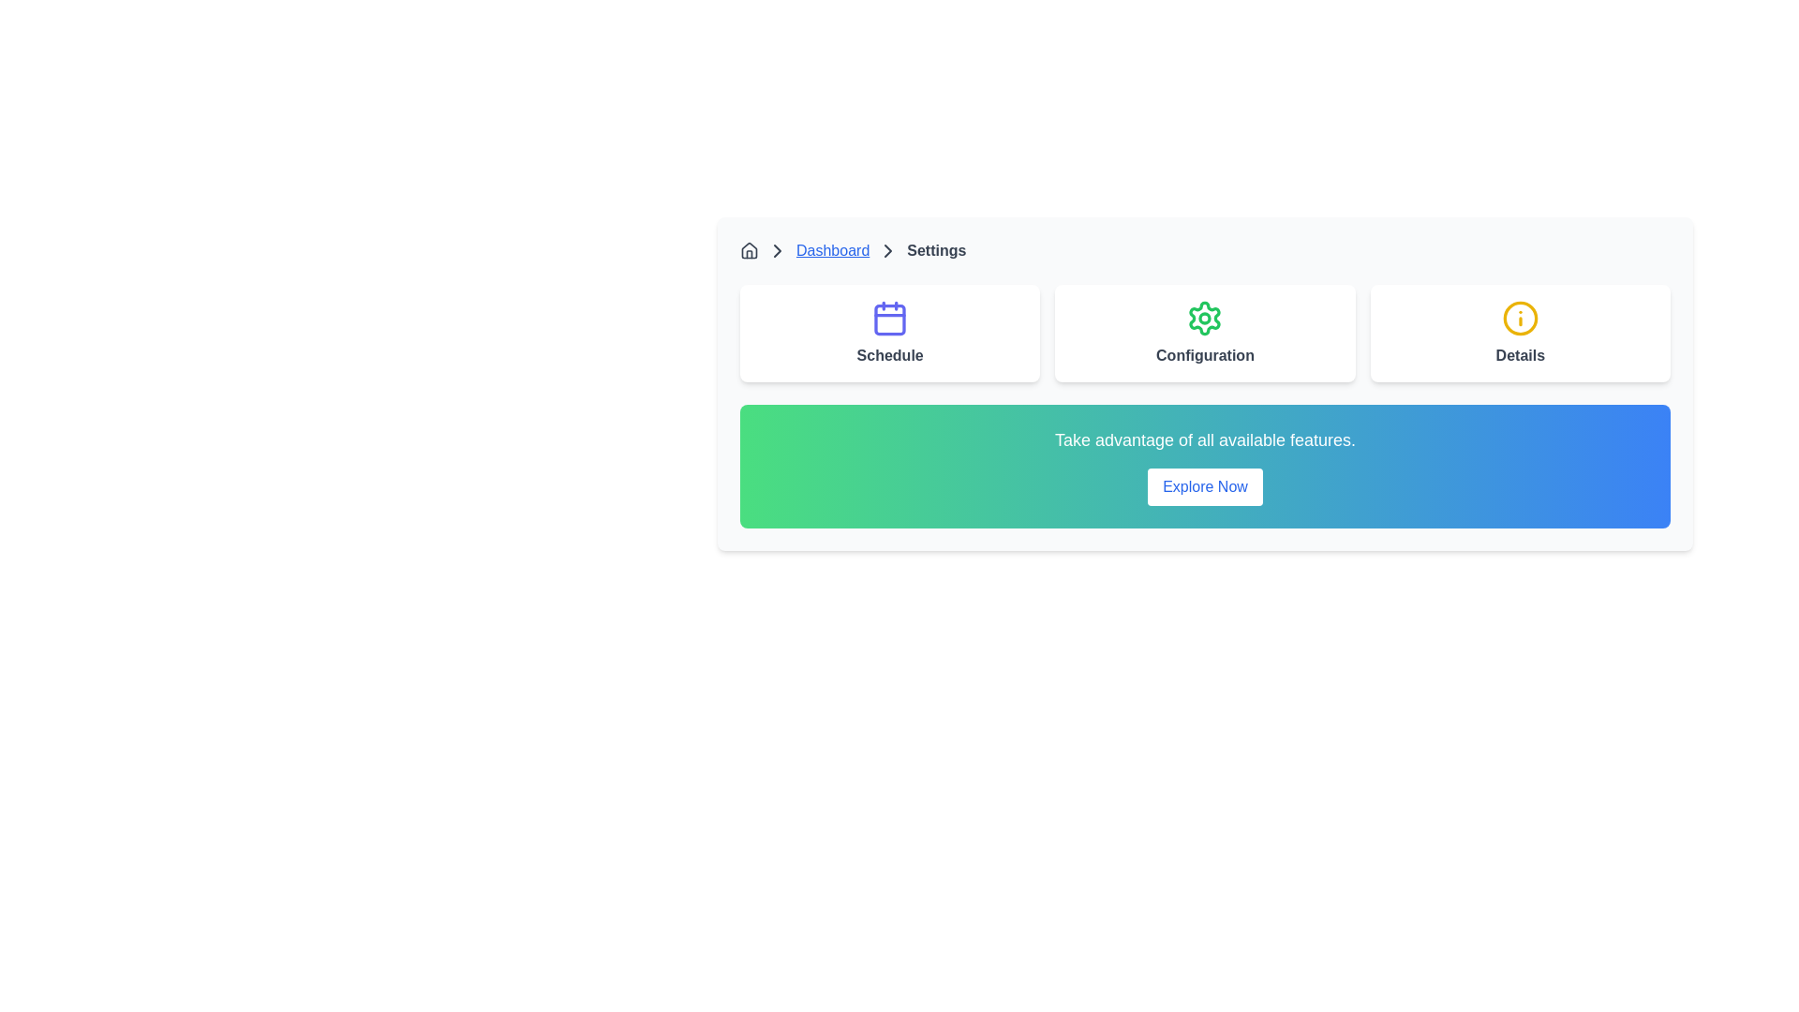 The width and height of the screenshot is (1799, 1012). Describe the element at coordinates (1205, 356) in the screenshot. I see `the Text label that describes the settings configuration section, located below the green settings icon in the middle card of a grid of three cards` at that location.